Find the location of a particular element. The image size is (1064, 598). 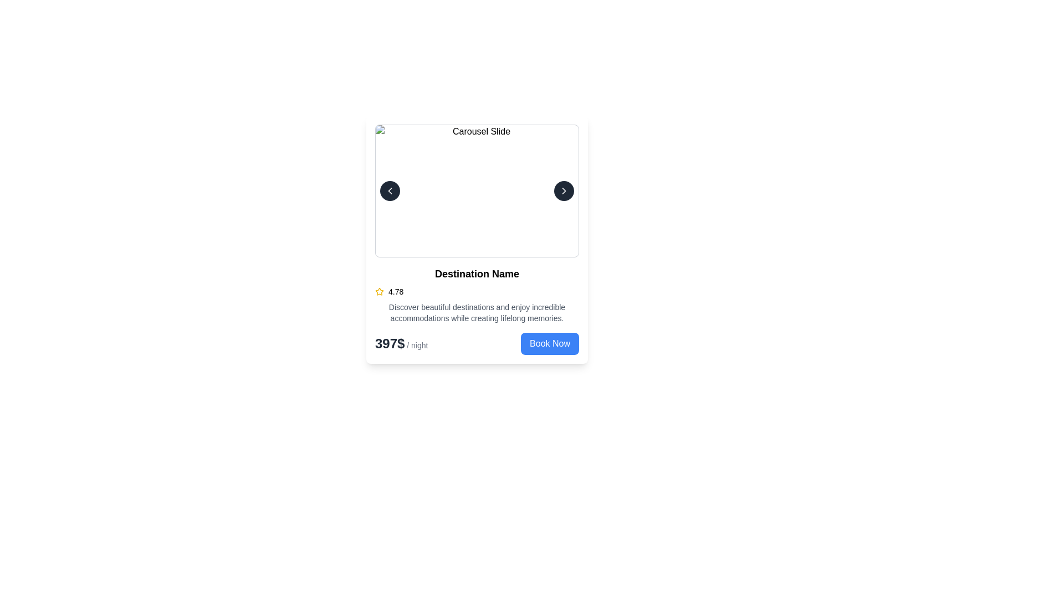

the block of text styled in a small, grey font that reads 'Discover beautiful destinations and enjoy incredible accommodations while creating lifelong memories.' It is located below the rating section and above the pricing details in the card layout is located at coordinates (477, 312).